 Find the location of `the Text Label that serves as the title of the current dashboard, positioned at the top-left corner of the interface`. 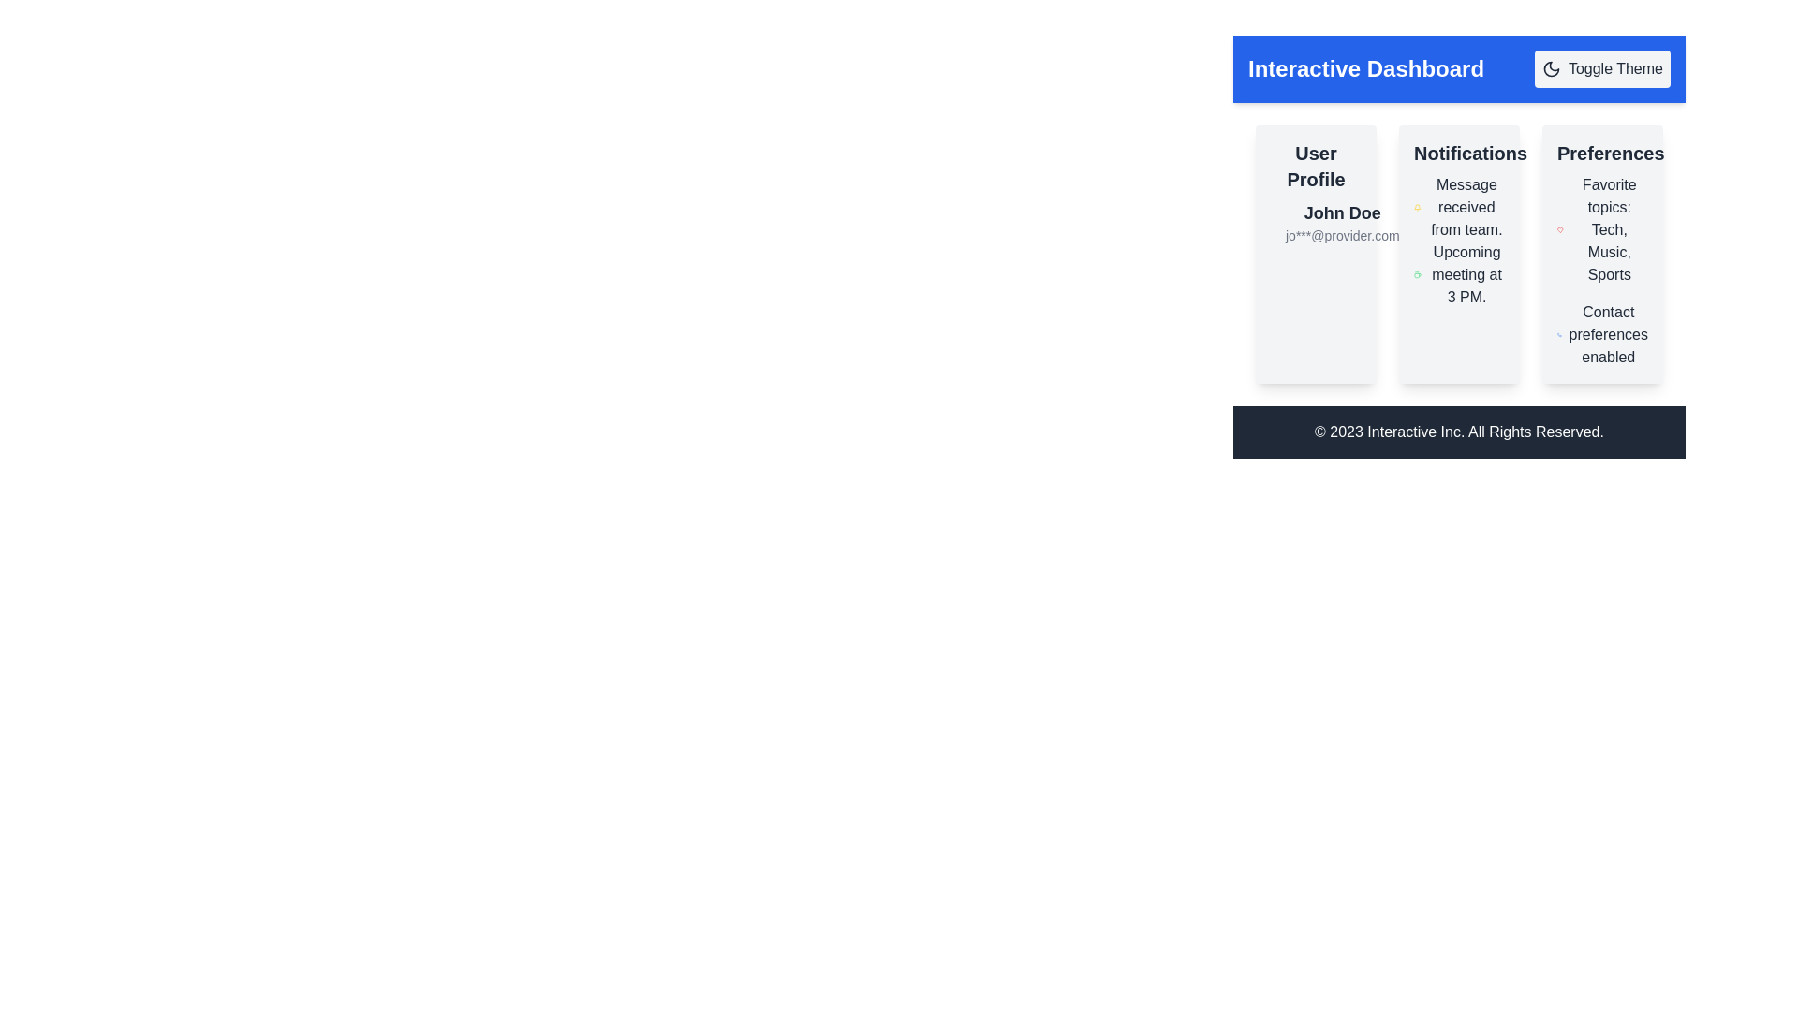

the Text Label that serves as the title of the current dashboard, positioned at the top-left corner of the interface is located at coordinates (1366, 67).